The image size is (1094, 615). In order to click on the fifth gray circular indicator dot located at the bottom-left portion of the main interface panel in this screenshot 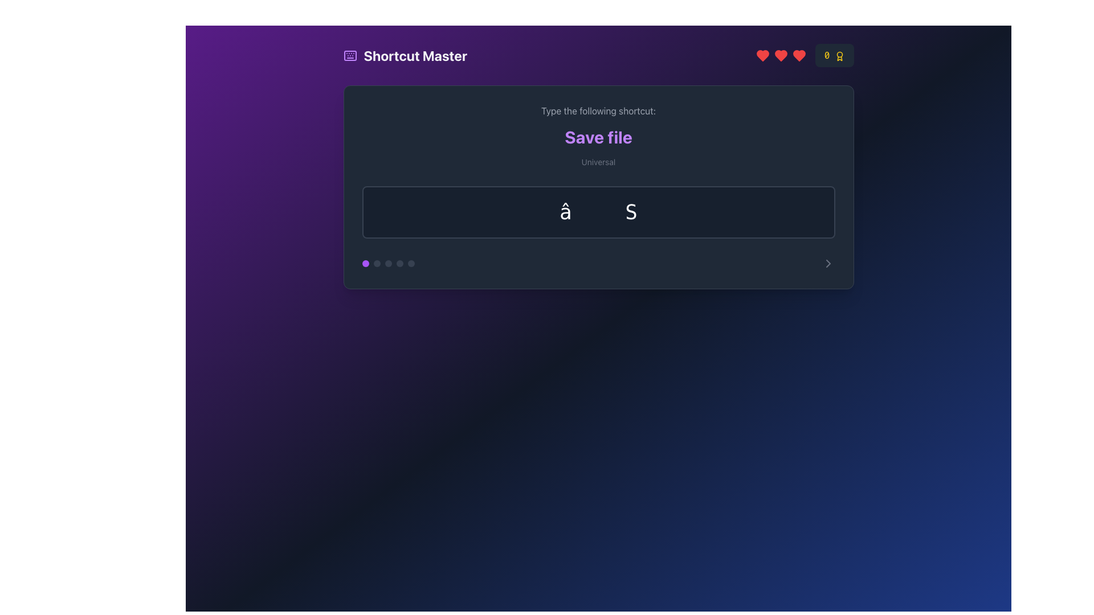, I will do `click(410, 263)`.